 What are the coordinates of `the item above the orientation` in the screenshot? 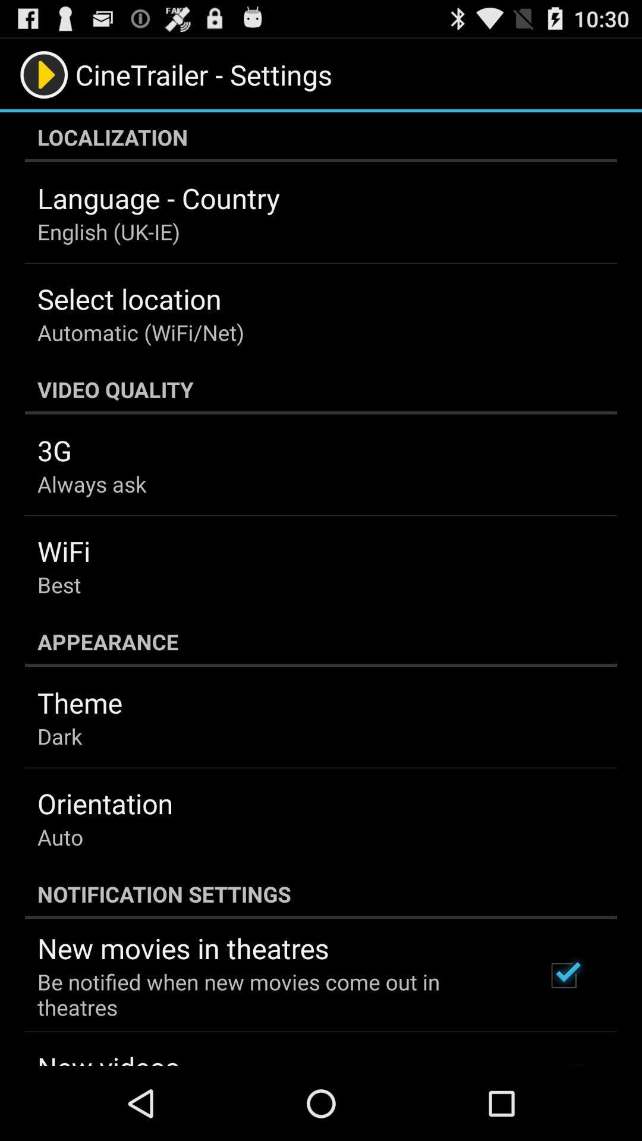 It's located at (59, 735).